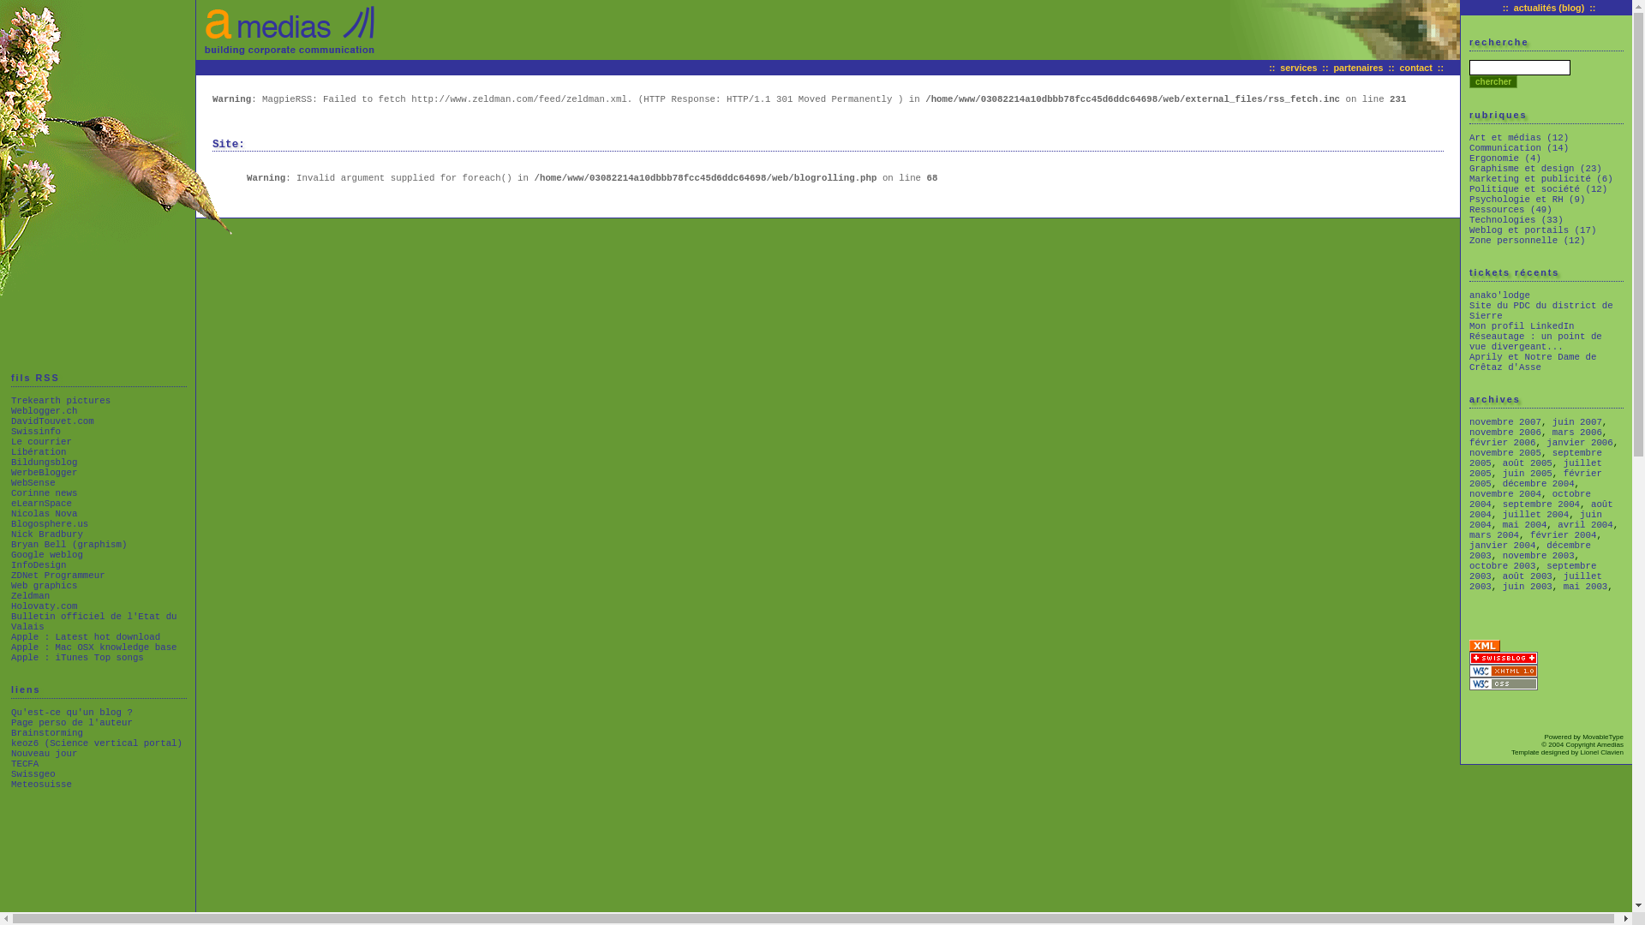  Describe the element at coordinates (44, 472) in the screenshot. I see `'WerbeBlogger'` at that location.